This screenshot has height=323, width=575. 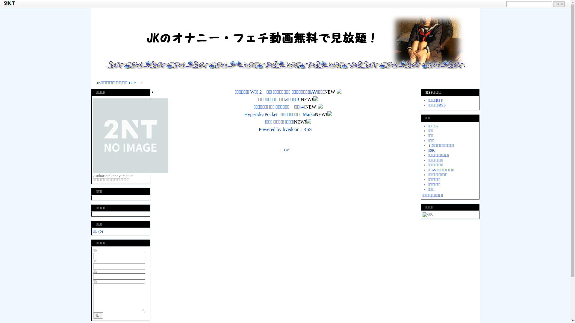 What do you see at coordinates (285, 150) in the screenshot?
I see `'TOP'` at bounding box center [285, 150].